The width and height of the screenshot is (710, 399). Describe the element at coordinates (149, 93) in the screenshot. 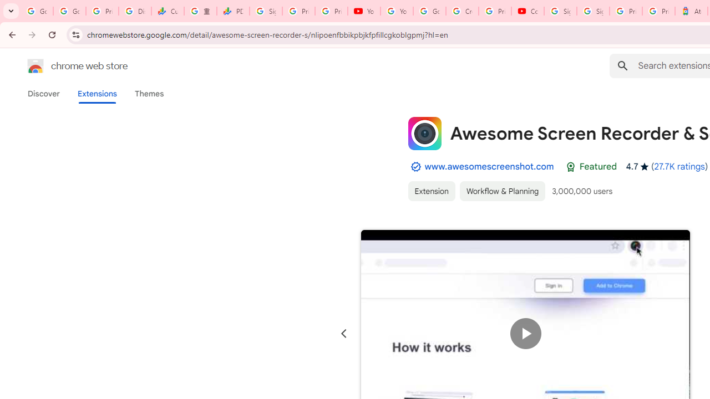

I see `'Themes'` at that location.